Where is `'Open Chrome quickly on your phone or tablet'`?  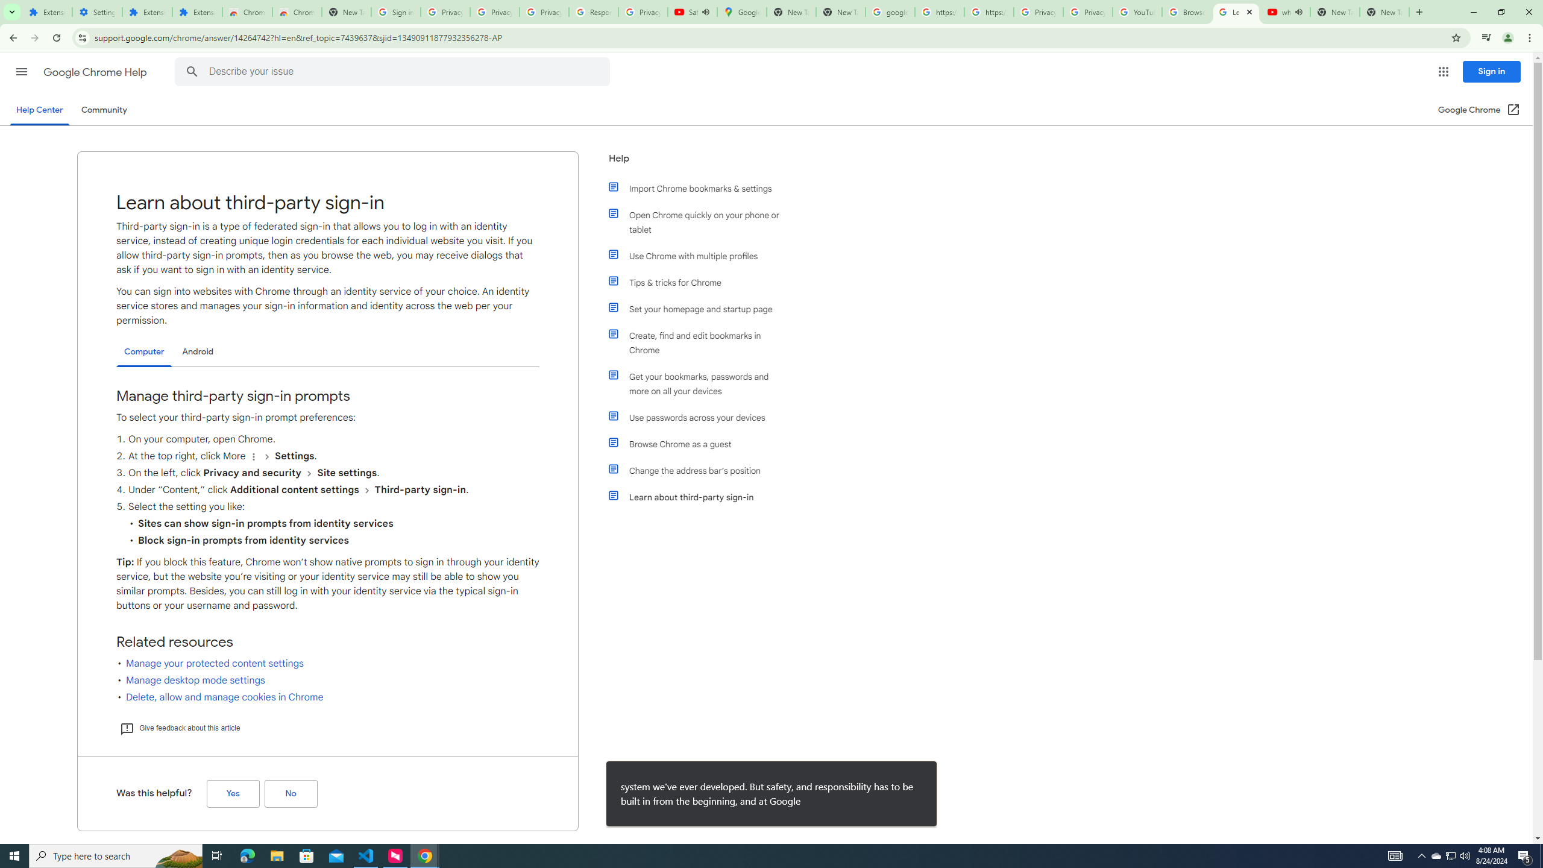
'Open Chrome quickly on your phone or tablet' is located at coordinates (700, 222).